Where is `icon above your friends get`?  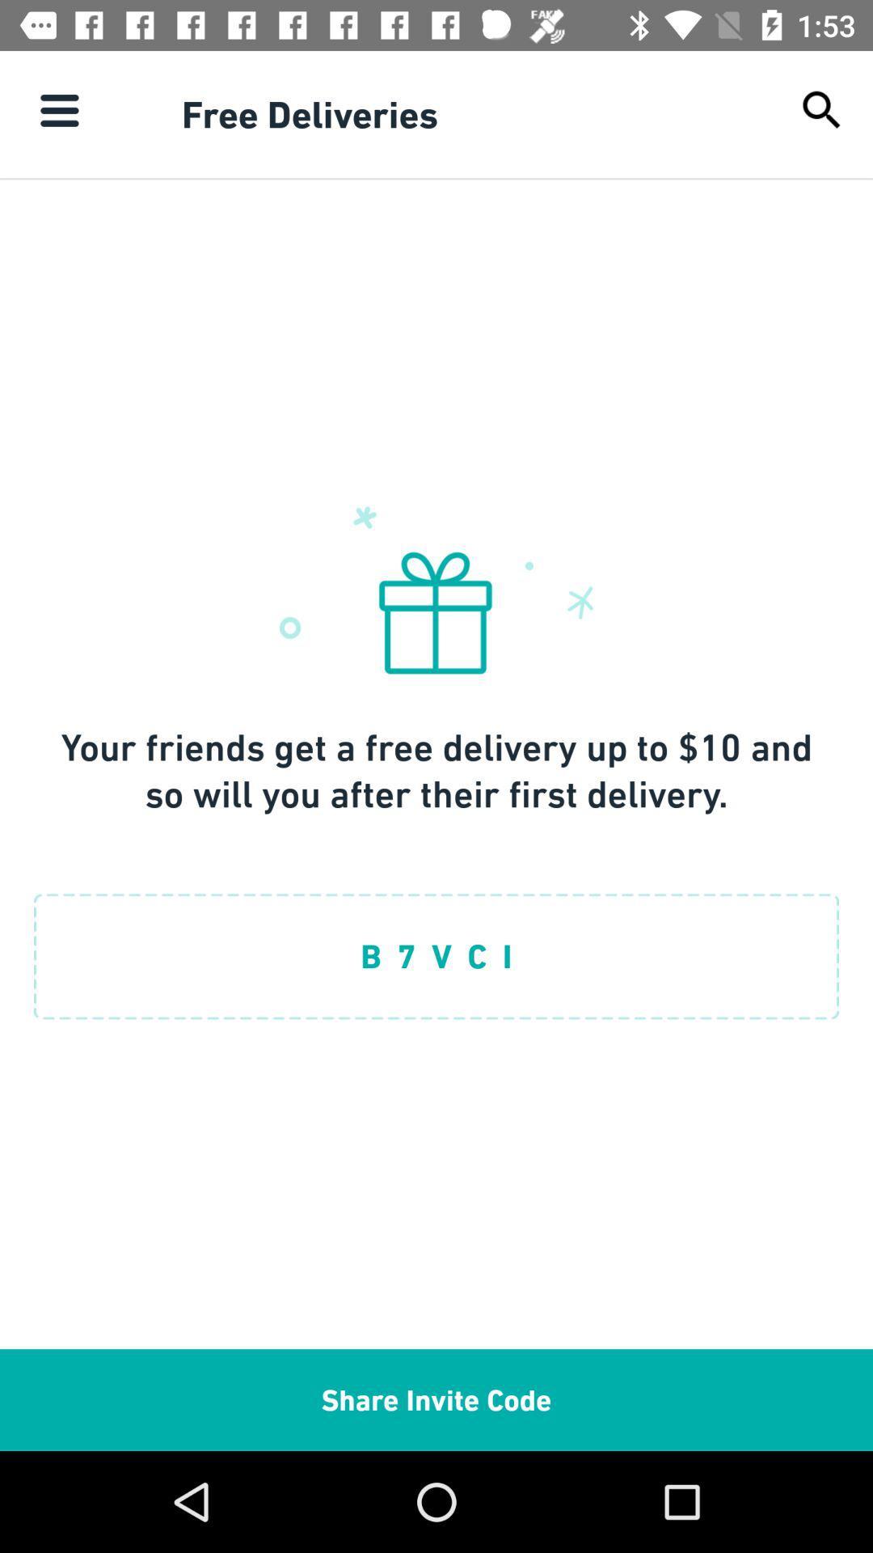
icon above your friends get is located at coordinates (58, 109).